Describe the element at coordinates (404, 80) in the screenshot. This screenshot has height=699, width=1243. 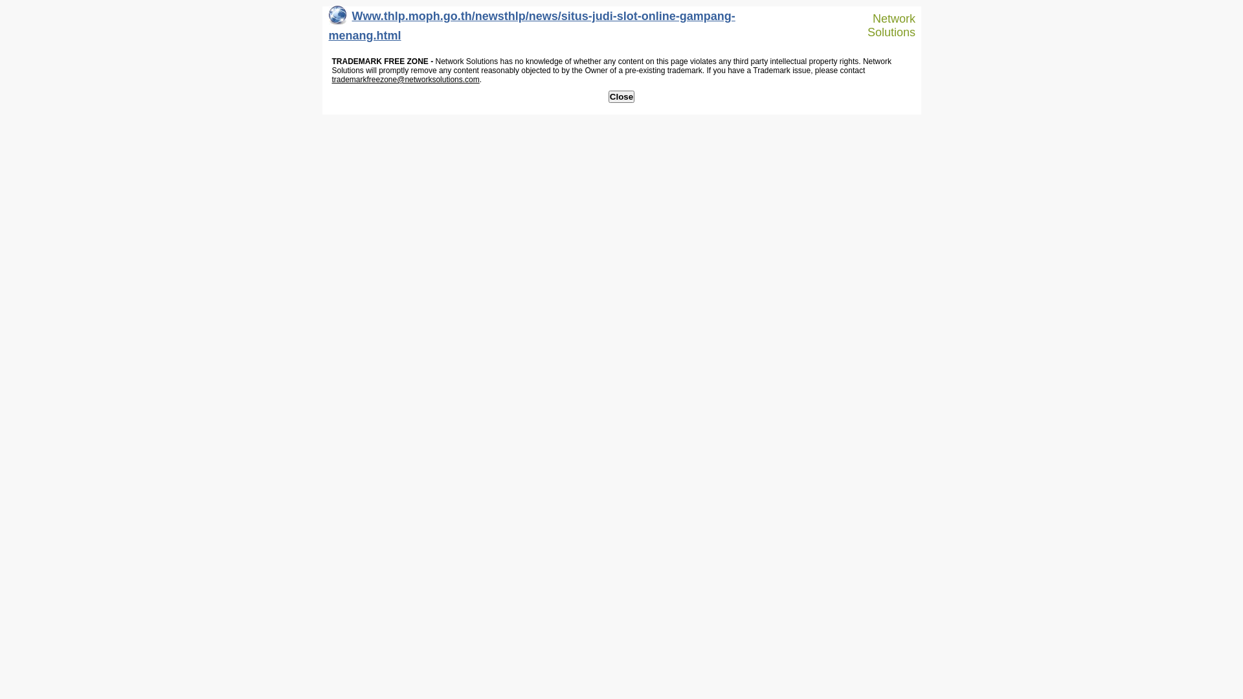
I see `'trademarkfreezone@networksolutions.com'` at that location.